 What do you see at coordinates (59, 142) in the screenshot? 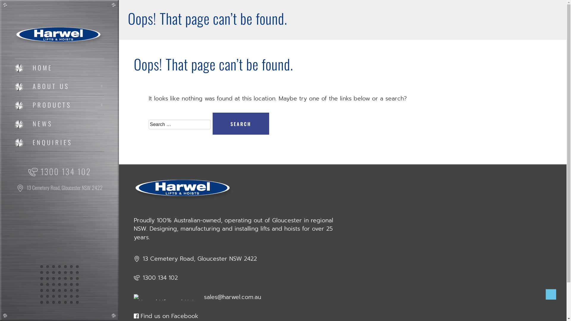
I see `'ENQUIRIES'` at bounding box center [59, 142].